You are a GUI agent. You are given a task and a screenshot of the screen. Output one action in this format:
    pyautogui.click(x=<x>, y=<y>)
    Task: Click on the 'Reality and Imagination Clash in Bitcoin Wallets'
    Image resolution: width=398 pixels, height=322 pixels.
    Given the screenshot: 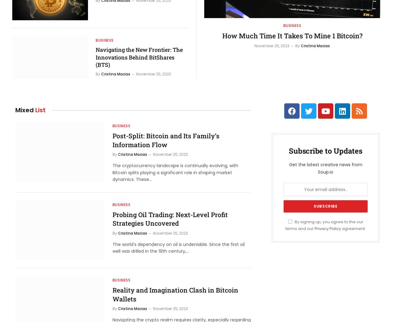 What is the action you would take?
    pyautogui.click(x=174, y=294)
    